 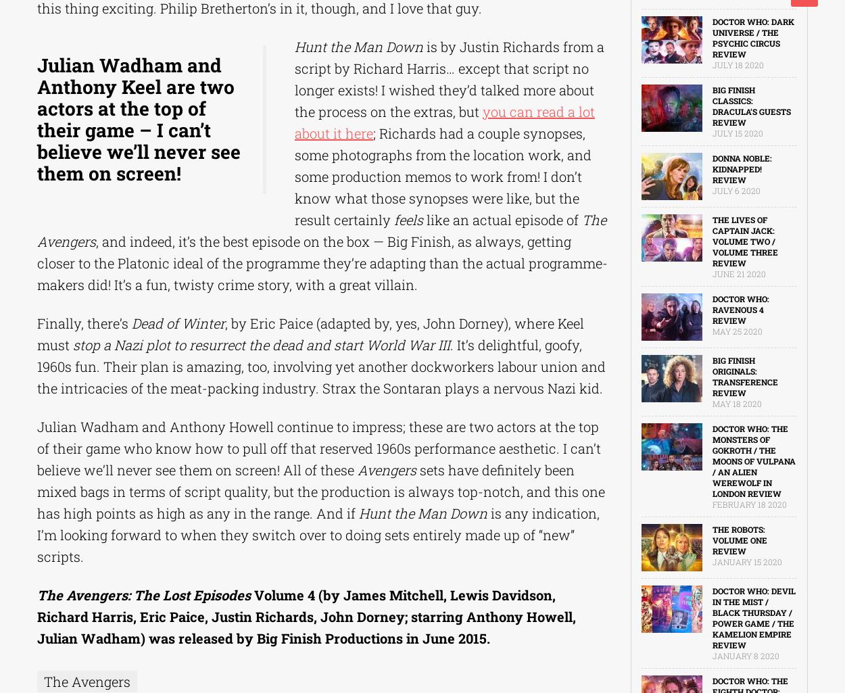 What do you see at coordinates (306, 615) in the screenshot?
I see `'Volume 4 (by James Mitchell, Lewis Davidson, Richard Harris, Eric Paice, Justin Richards, John Dorney; starring Anthony Howell, Julian Wadham) was released by Big Finish Productions in June 2015.'` at bounding box center [306, 615].